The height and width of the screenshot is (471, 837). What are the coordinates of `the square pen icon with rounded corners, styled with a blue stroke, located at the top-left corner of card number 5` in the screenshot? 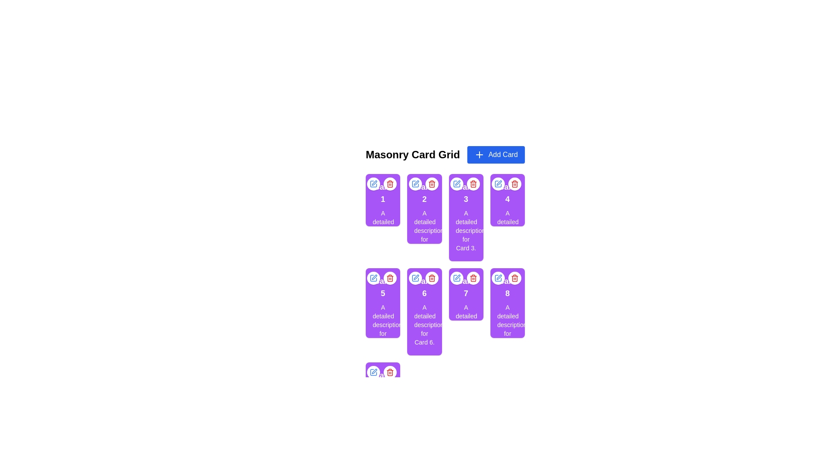 It's located at (374, 278).